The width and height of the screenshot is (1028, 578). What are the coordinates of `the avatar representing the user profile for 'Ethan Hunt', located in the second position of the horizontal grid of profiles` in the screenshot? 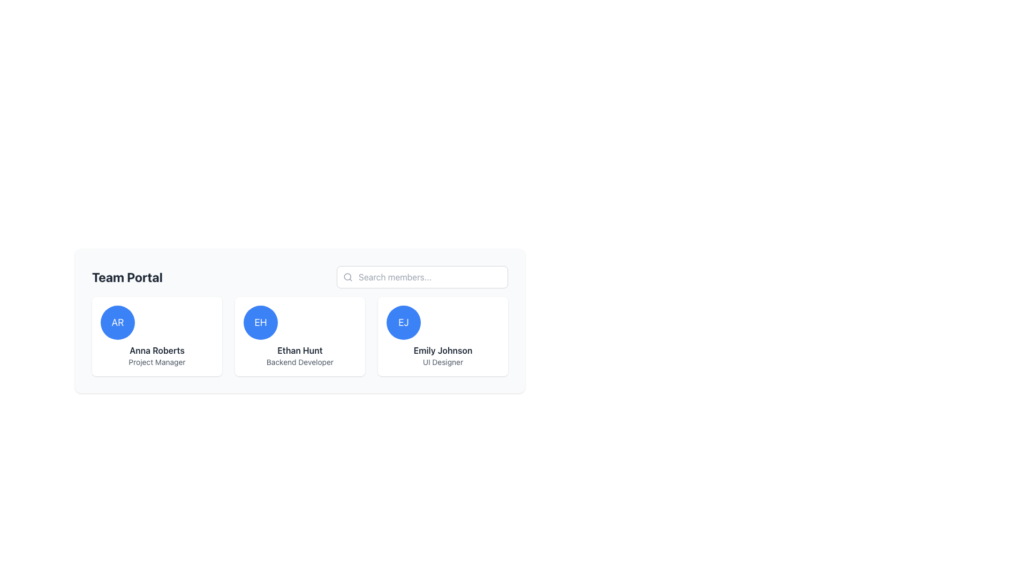 It's located at (260, 322).